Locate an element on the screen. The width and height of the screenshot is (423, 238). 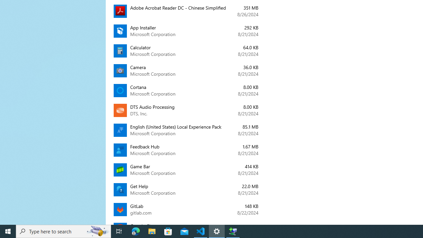
'Visual Studio Code - 1 running window' is located at coordinates (200, 231).